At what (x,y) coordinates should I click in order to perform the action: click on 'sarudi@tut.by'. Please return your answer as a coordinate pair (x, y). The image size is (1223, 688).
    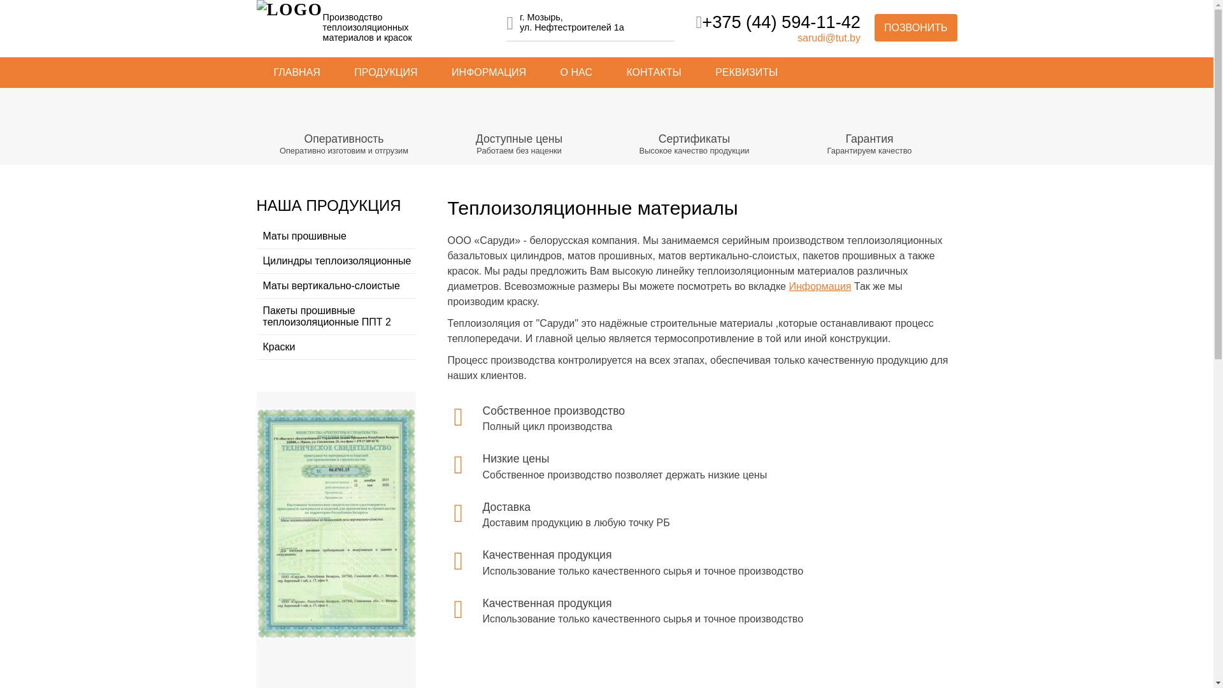
    Looking at the image, I should click on (829, 37).